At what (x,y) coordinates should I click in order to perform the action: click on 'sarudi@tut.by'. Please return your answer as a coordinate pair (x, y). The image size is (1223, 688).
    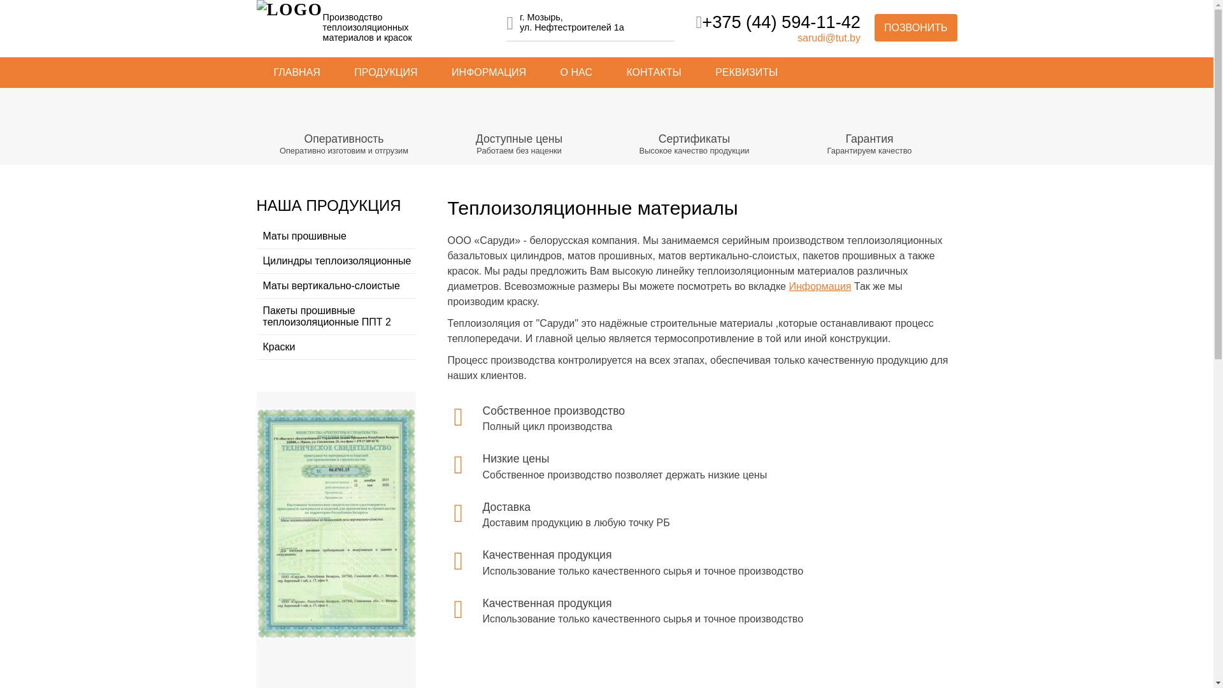
    Looking at the image, I should click on (829, 37).